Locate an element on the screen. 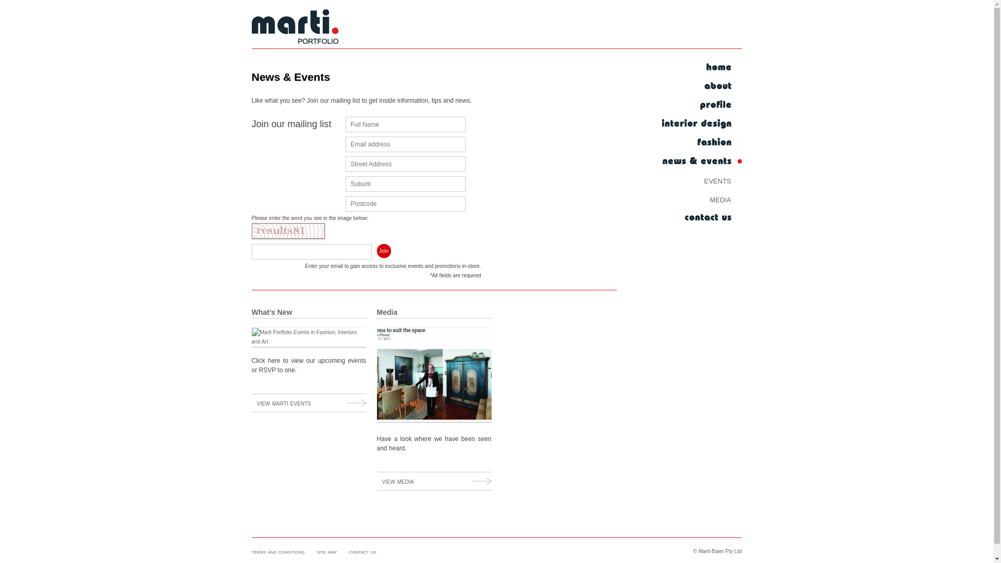 The image size is (1001, 563). ' ' is located at coordinates (700, 68).